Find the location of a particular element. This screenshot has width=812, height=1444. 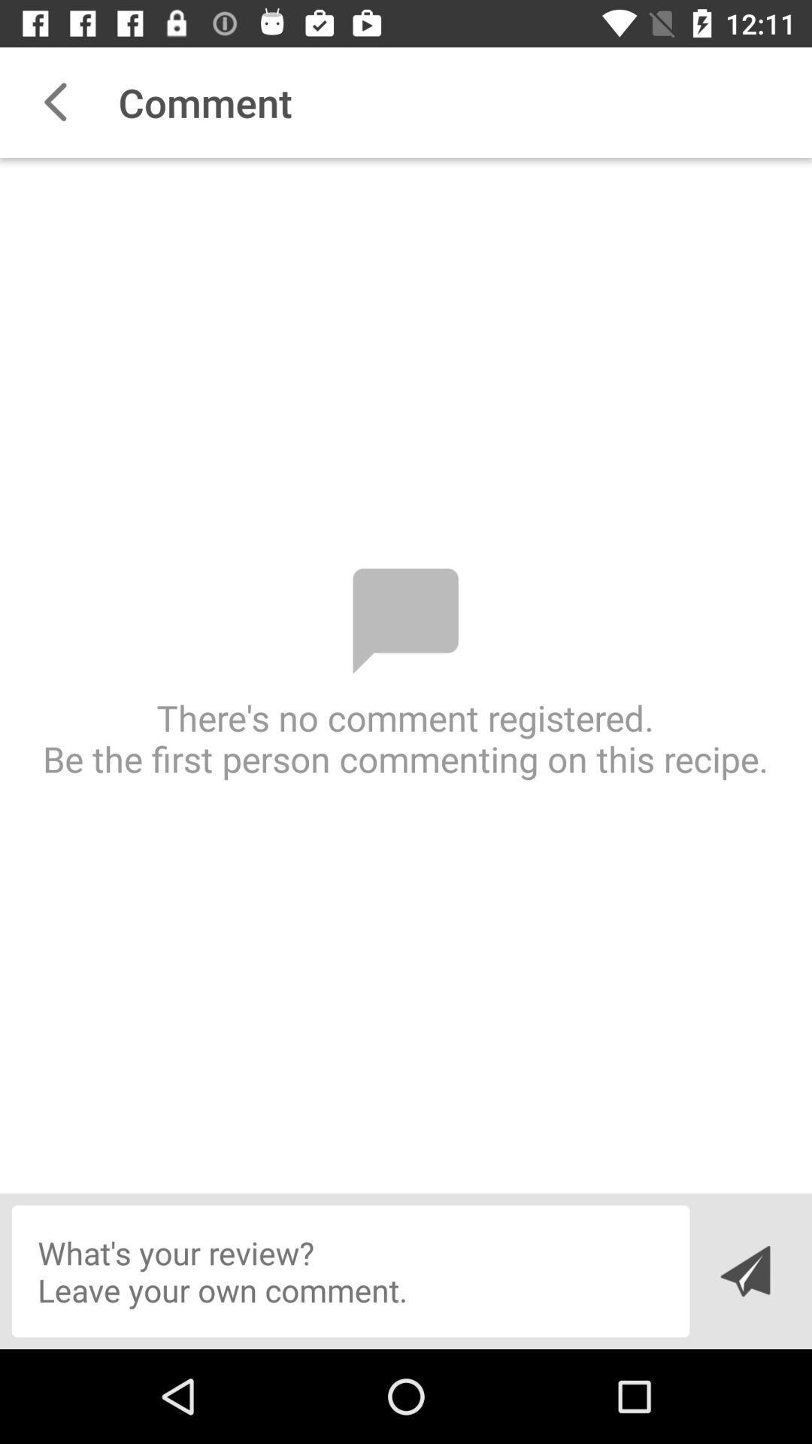

icon at the bottom right corner is located at coordinates (744, 1270).